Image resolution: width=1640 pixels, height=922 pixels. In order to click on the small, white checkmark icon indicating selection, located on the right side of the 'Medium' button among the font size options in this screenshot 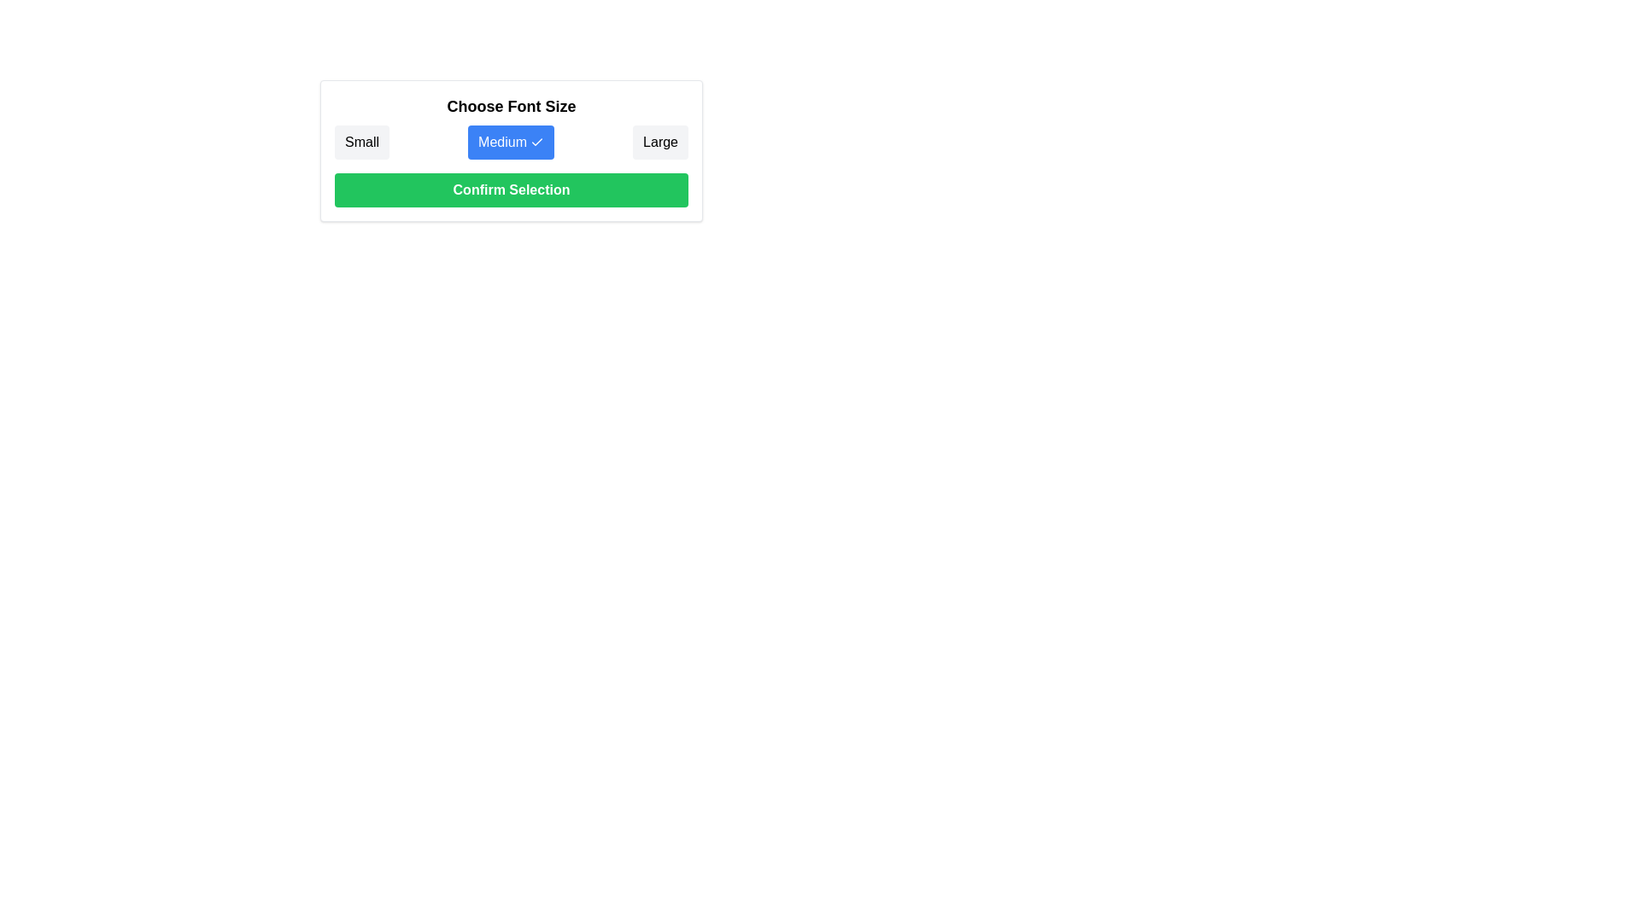, I will do `click(536, 141)`.